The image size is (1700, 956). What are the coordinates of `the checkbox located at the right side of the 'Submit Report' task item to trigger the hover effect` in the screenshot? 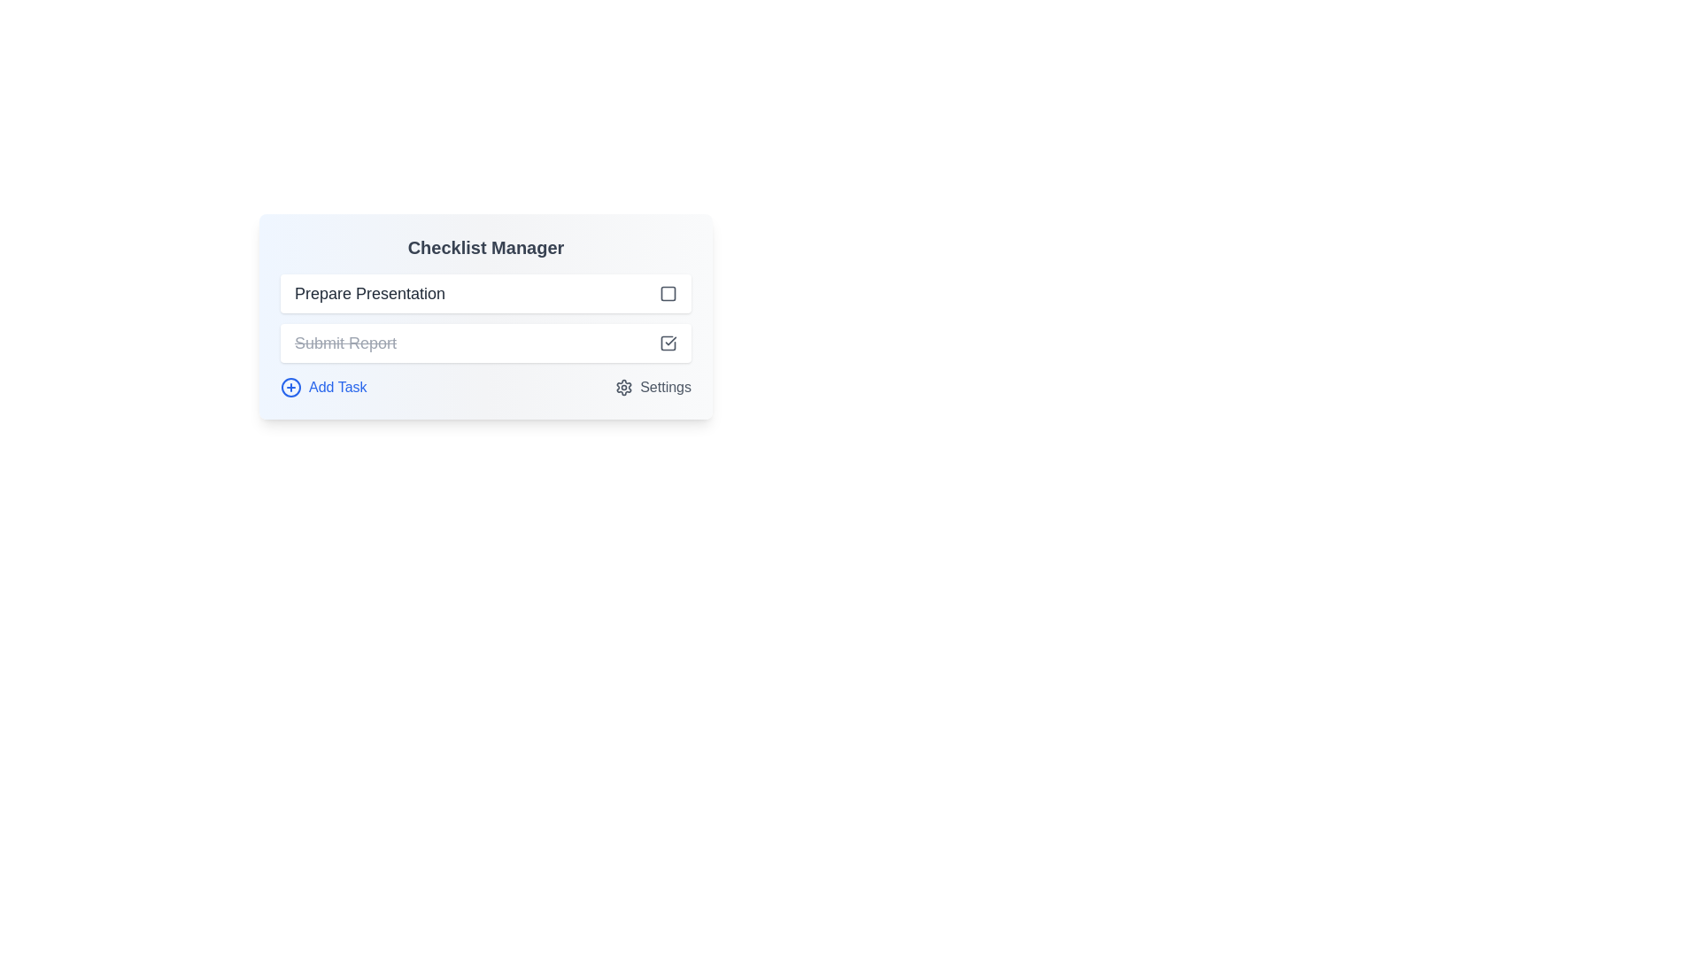 It's located at (667, 343).